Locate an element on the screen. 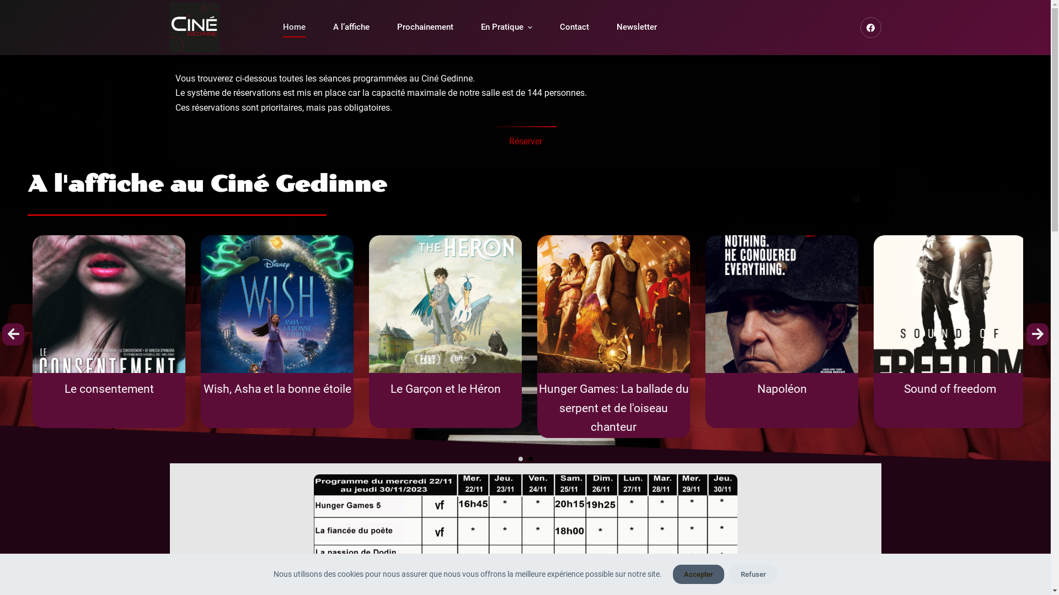  'previous item' is located at coordinates (2, 333).